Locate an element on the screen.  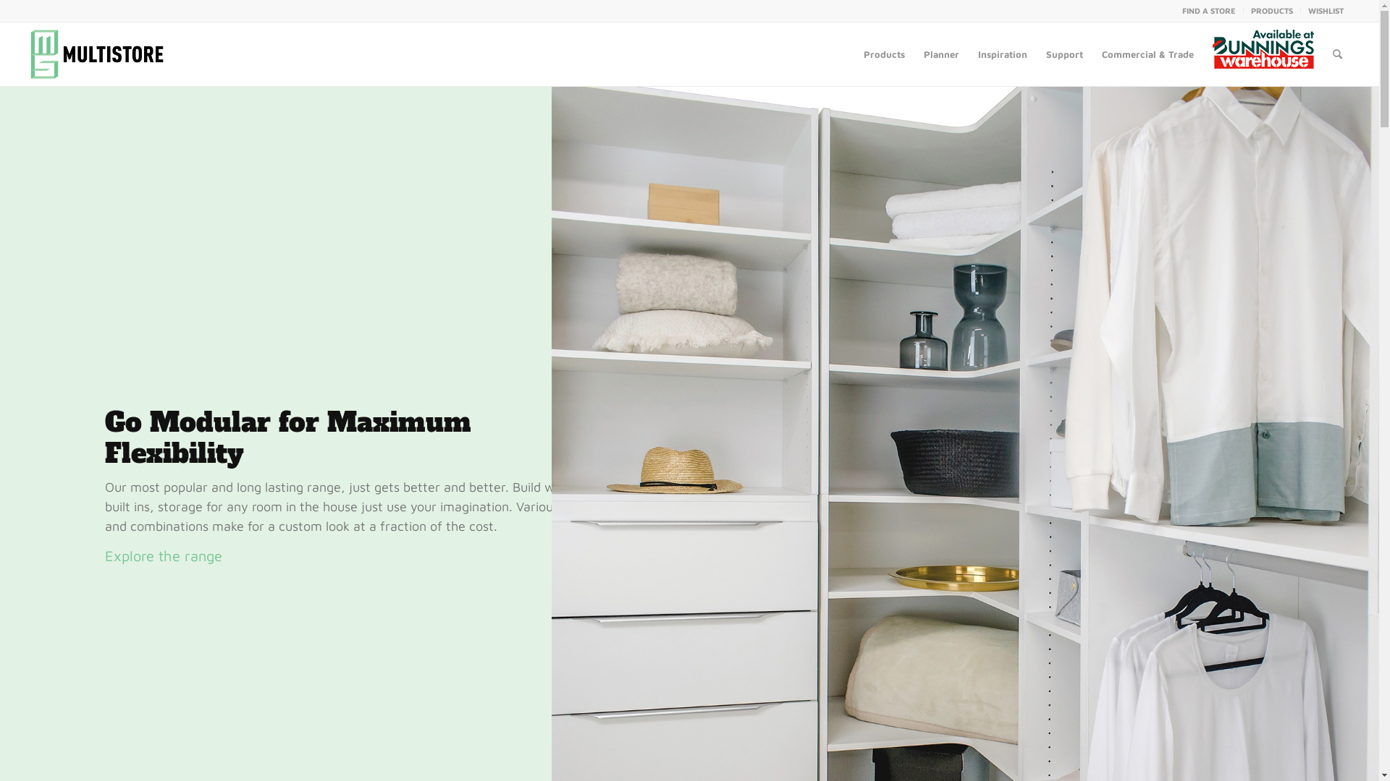
'Planner' is located at coordinates (913, 53).